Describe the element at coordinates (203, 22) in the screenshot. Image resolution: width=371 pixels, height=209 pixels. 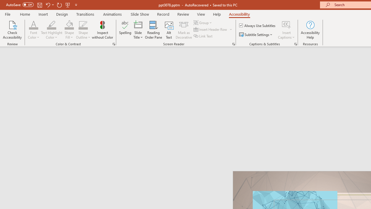
I see `'Group'` at that location.